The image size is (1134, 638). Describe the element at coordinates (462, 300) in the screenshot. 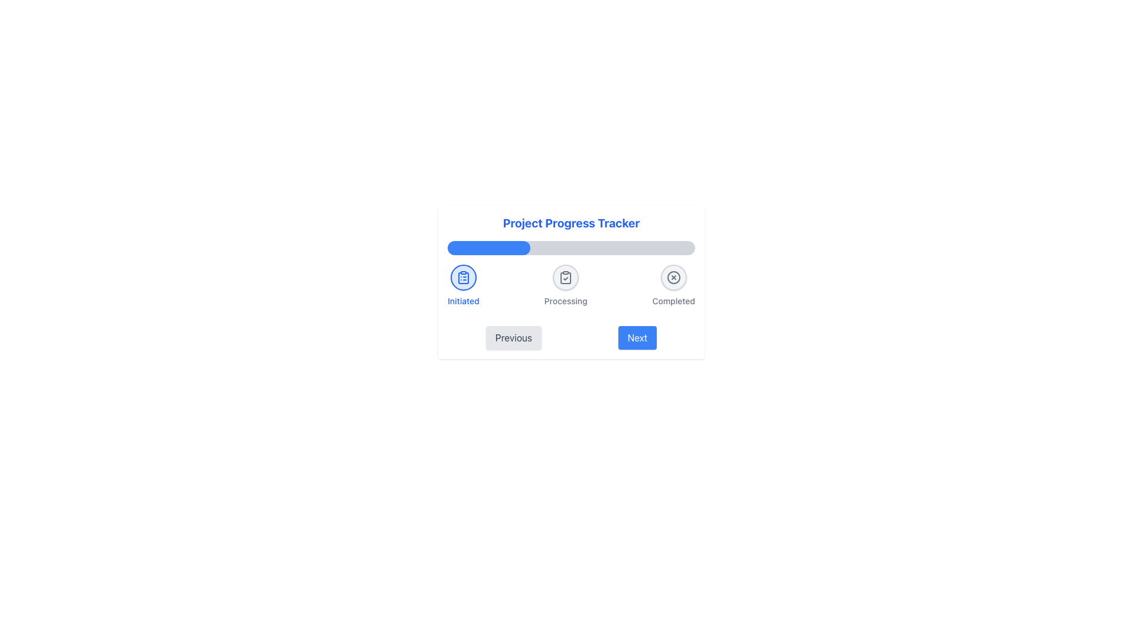

I see `the status label indicating the 'Initiated' stage of the process, positioned at the bottom of the first column in the progress tracker` at that location.